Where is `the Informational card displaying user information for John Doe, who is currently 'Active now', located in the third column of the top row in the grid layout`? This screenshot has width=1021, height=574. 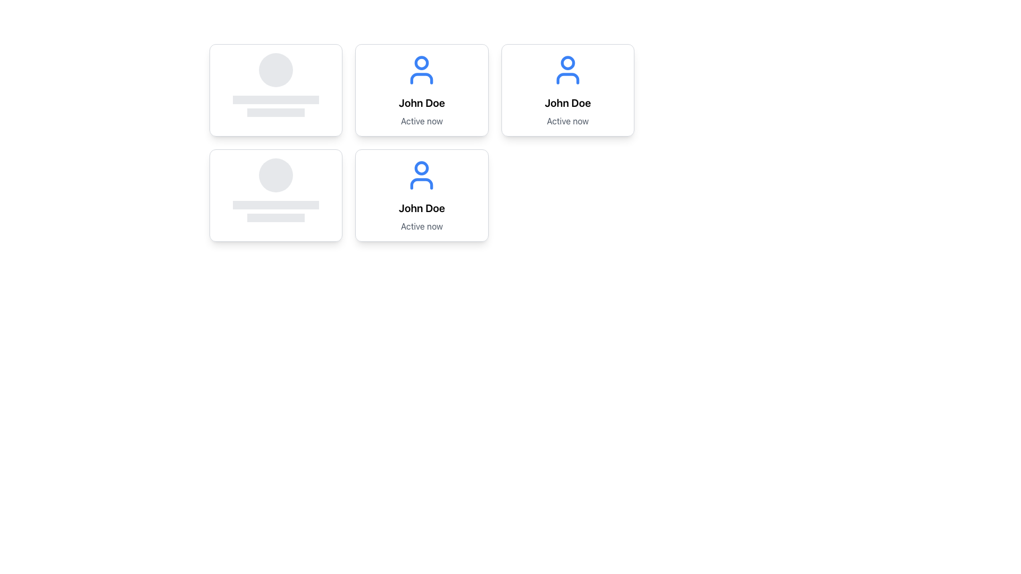
the Informational card displaying user information for John Doe, who is currently 'Active now', located in the third column of the top row in the grid layout is located at coordinates (567, 89).